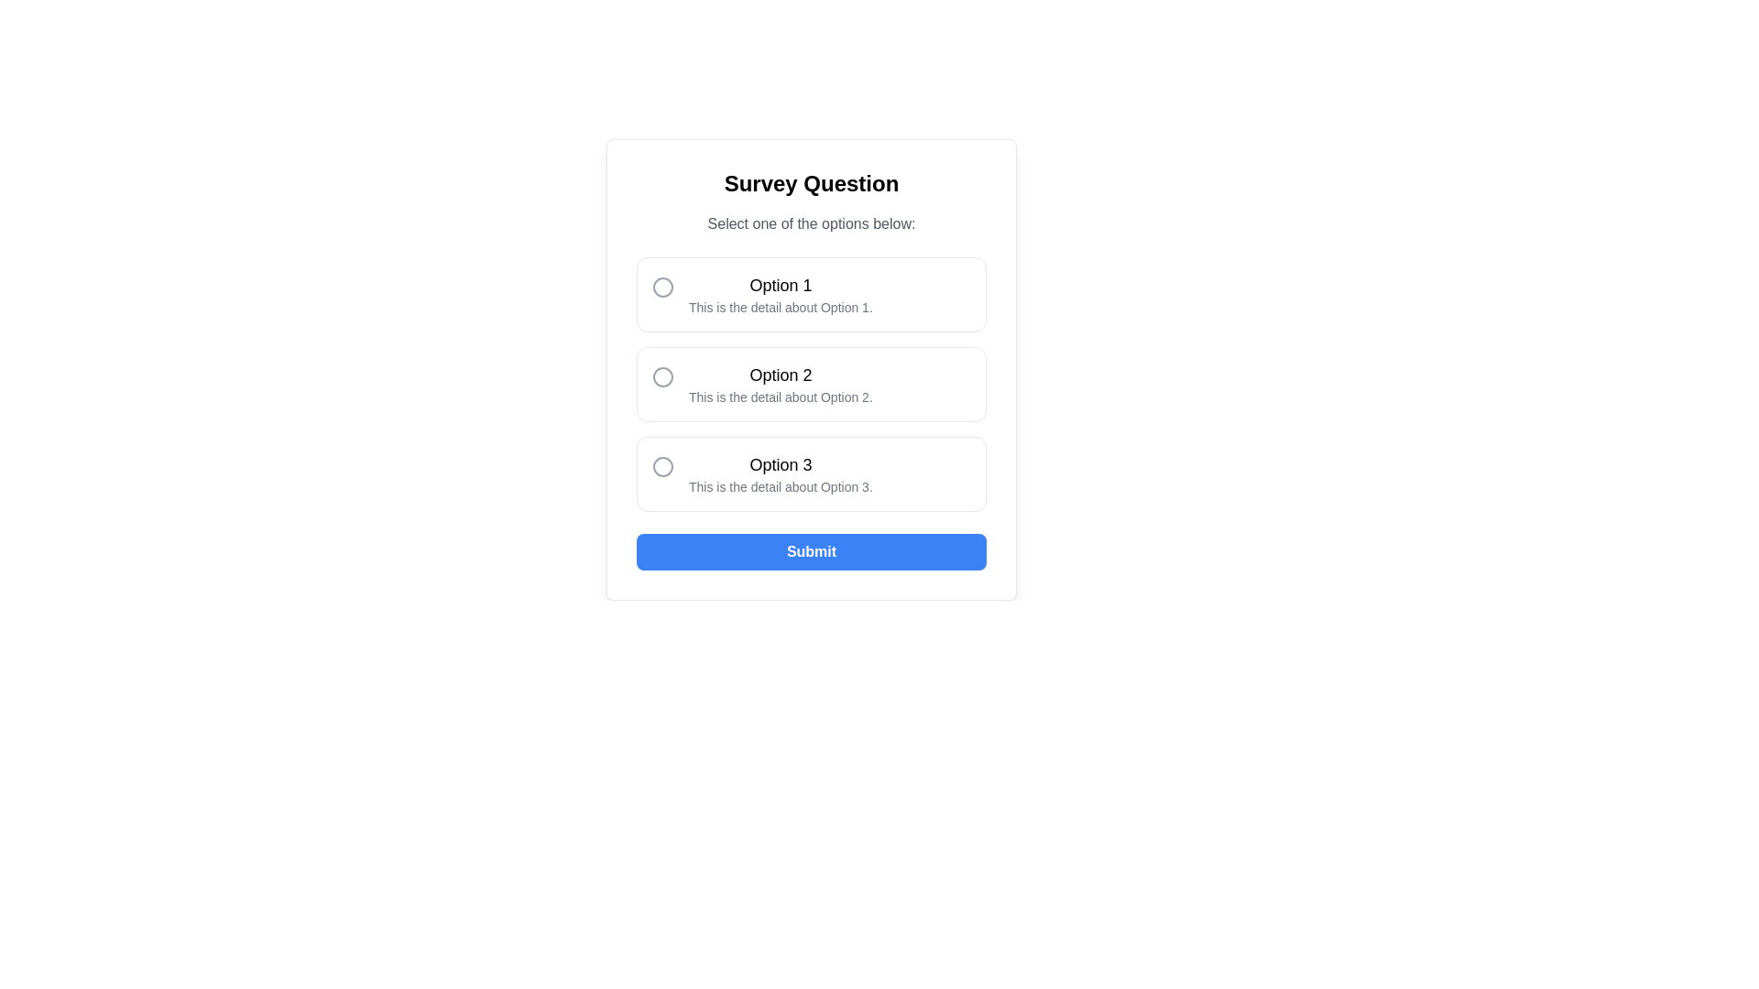 This screenshot has height=989, width=1759. I want to click on the text label that says 'This is the detail about Option 1.' which is styled in a small-sized, gray font and positioned under the bold text 'Option 1', so click(781, 306).